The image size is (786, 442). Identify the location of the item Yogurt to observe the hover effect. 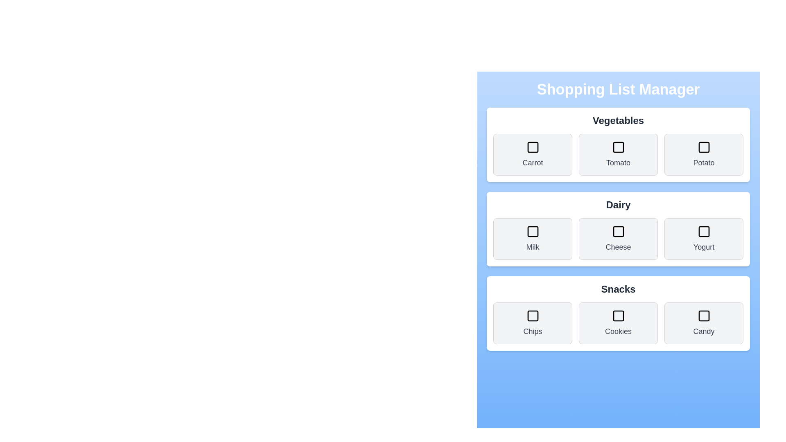
(703, 239).